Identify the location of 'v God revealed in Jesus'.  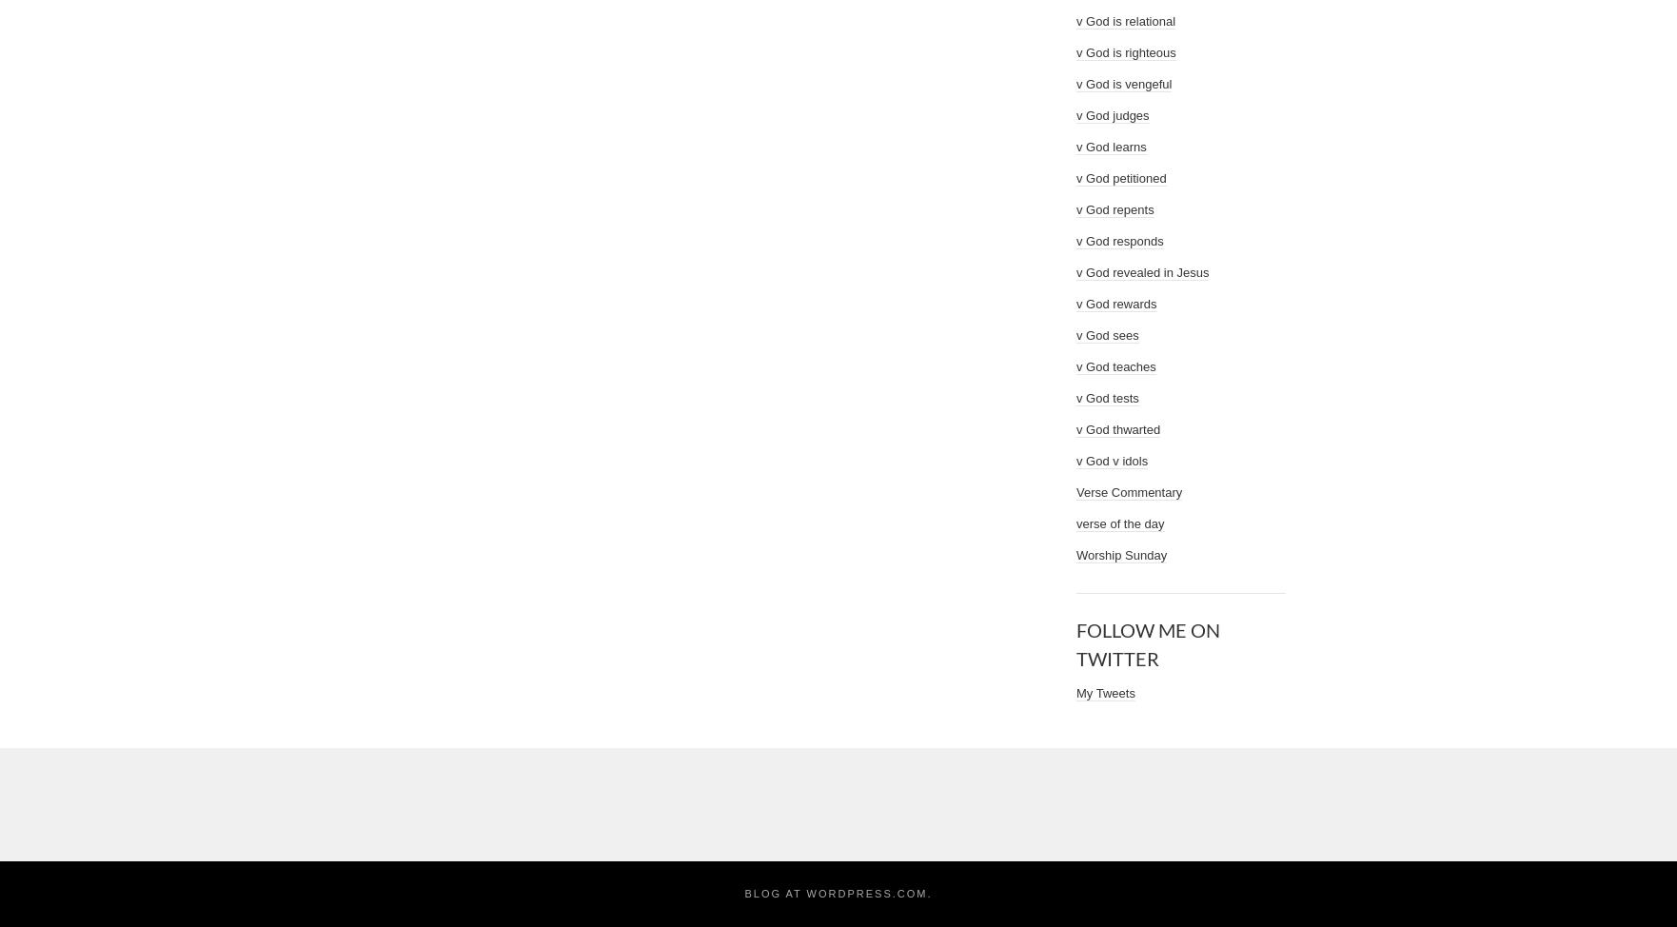
(1142, 271).